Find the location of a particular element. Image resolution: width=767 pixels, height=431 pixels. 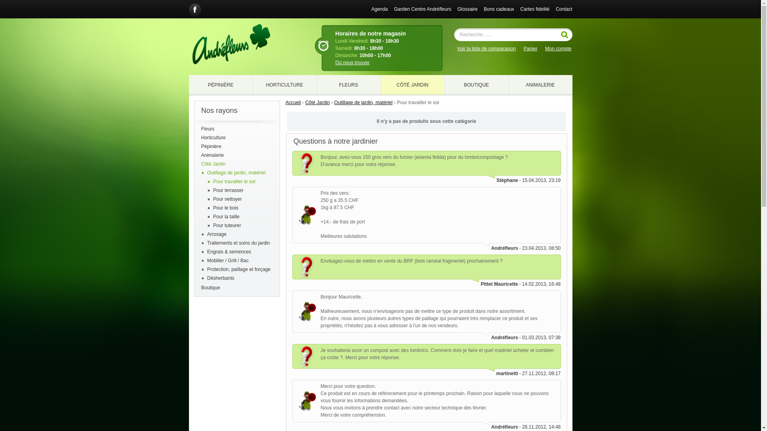

'Arrosage' is located at coordinates (207, 233).